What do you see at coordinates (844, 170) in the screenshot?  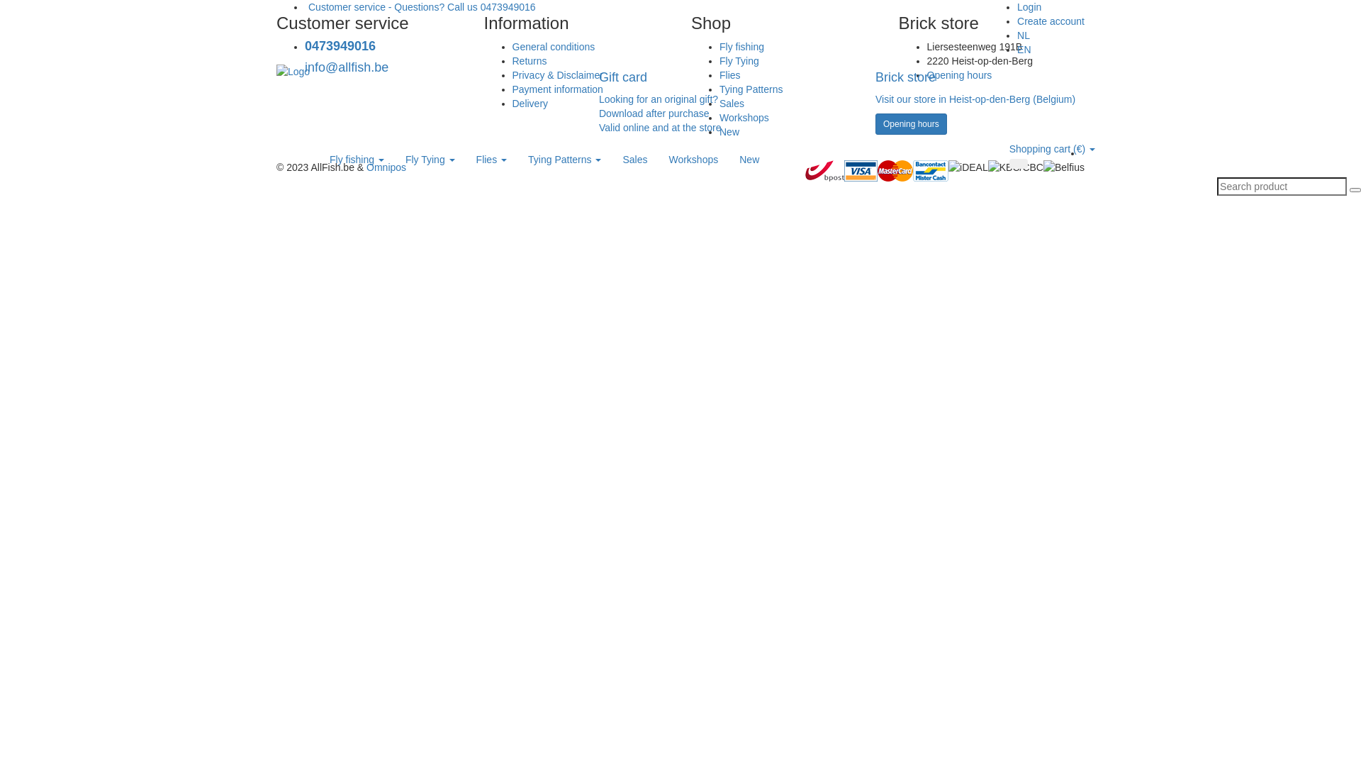 I see `'Visa'` at bounding box center [844, 170].